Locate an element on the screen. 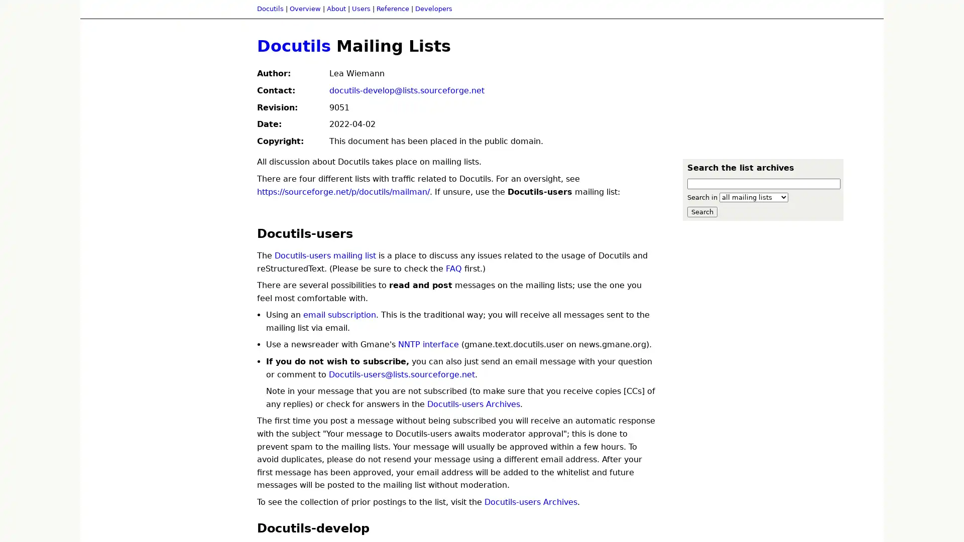  Search is located at coordinates (701, 211).